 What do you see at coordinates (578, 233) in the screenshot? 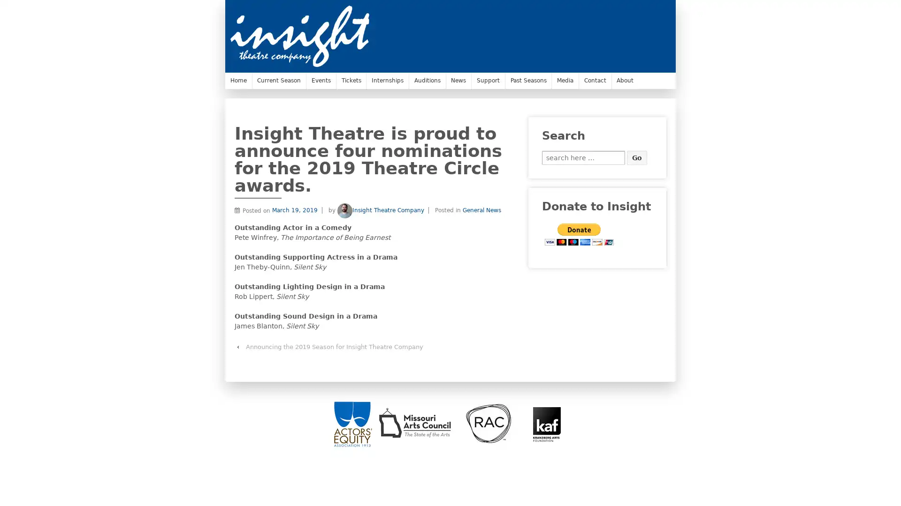
I see `PayPal - The safer, easier way to pay online.` at bounding box center [578, 233].